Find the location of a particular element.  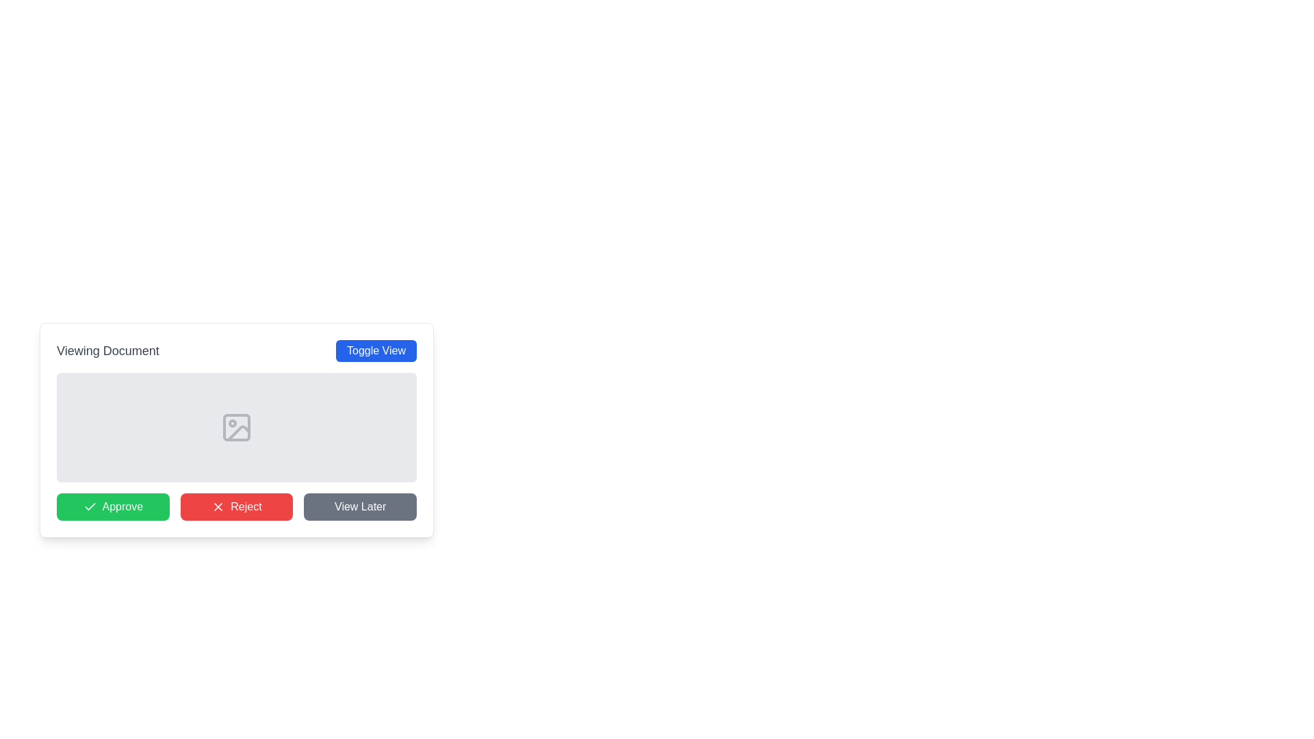

the placeholder area within the 'Viewing Document' panel, which includes an image or document preview is located at coordinates (236, 429).